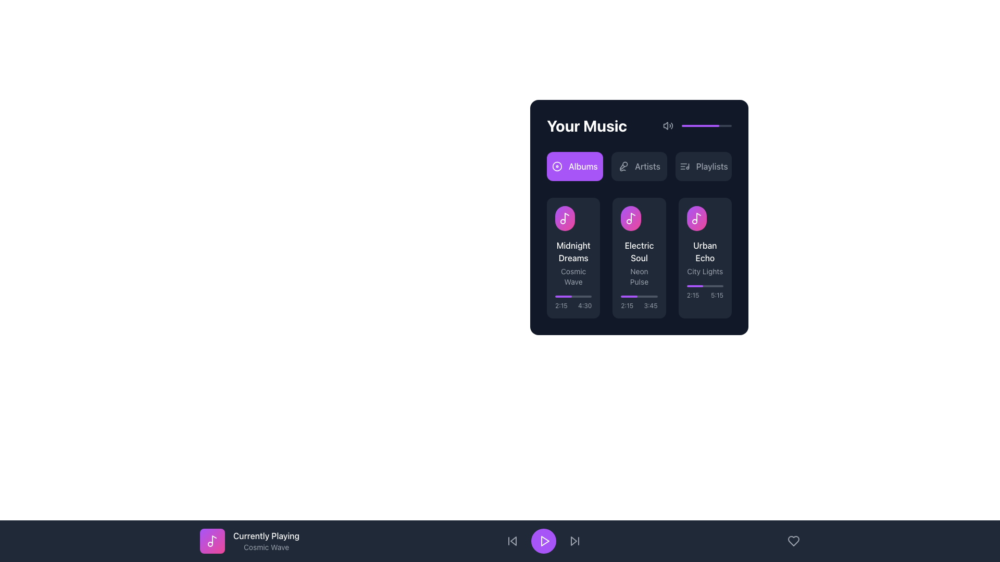 This screenshot has width=1000, height=562. I want to click on the 'Artists' button which contains the icon representing the 'Artists' function, located in the second column of the navigation section, so click(623, 166).